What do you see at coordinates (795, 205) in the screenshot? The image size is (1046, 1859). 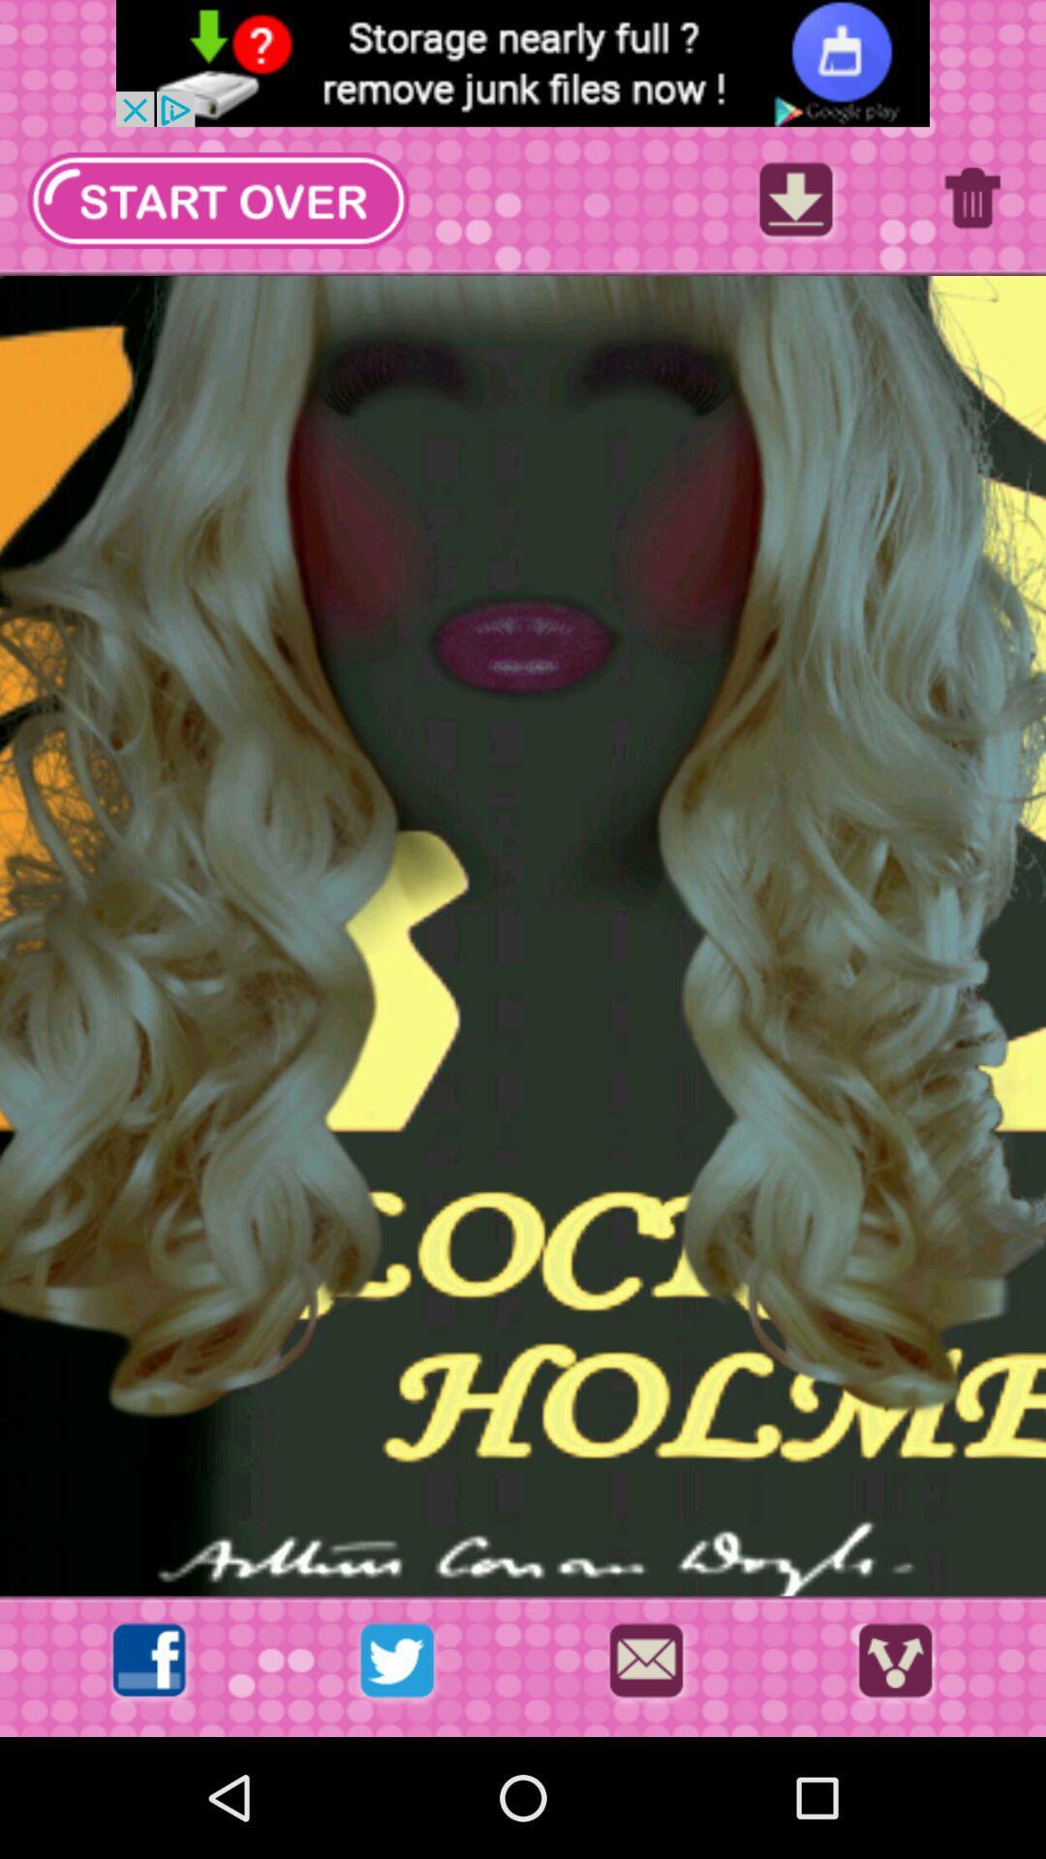 I see `download` at bounding box center [795, 205].